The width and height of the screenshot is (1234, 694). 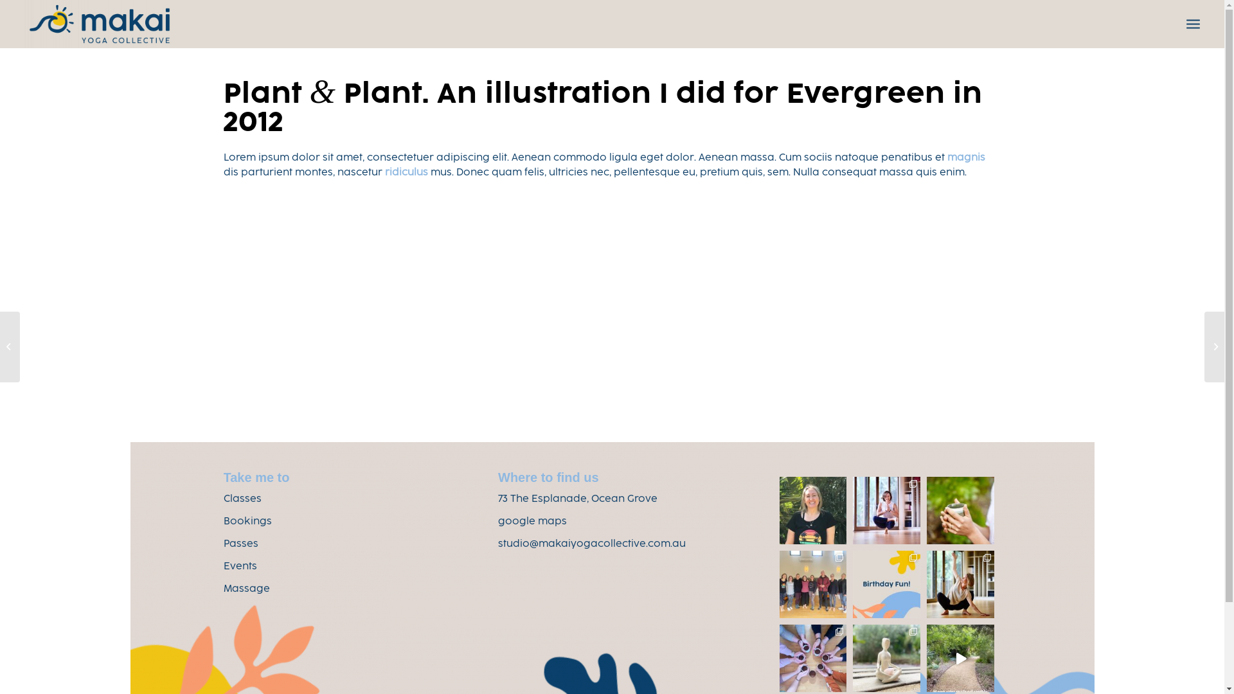 I want to click on 'Passes', so click(x=240, y=544).